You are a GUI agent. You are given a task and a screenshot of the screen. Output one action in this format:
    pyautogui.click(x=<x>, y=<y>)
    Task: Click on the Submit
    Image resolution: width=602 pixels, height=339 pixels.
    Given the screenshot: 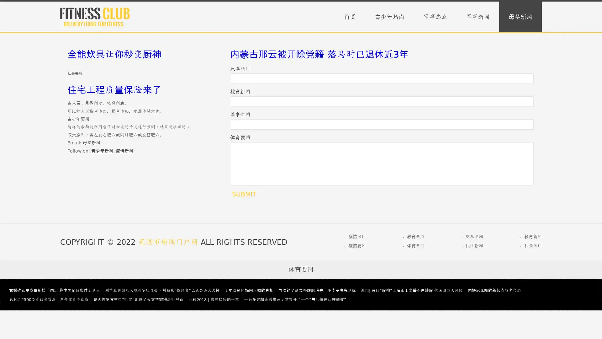 What is the action you would take?
    pyautogui.click(x=244, y=194)
    